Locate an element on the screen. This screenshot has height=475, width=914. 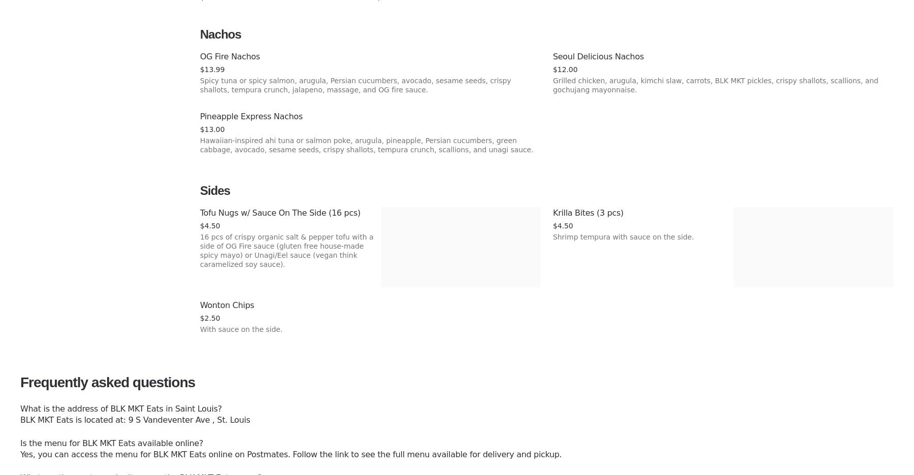
'16 pcs of crispy organic salt & pepper tofu with a side of OG Fire sauce (gluten free house-made spicy mayo) or Unagi/Eel sauce (vegan think caramelized soy sauce).' is located at coordinates (286, 250).